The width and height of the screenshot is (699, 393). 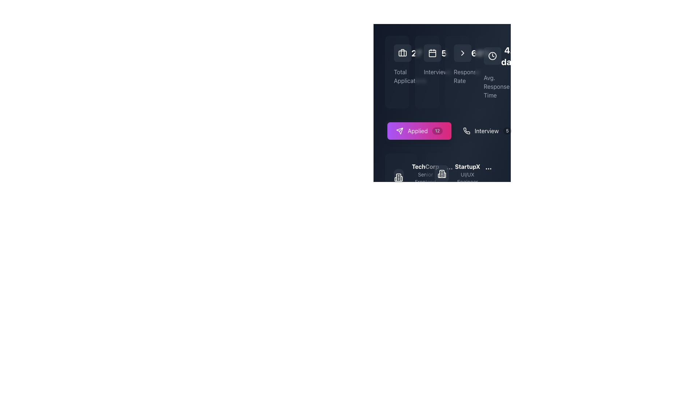 What do you see at coordinates (487, 72) in the screenshot?
I see `information displayed on the average response time informational card located in the fourth column of the grid layout` at bounding box center [487, 72].